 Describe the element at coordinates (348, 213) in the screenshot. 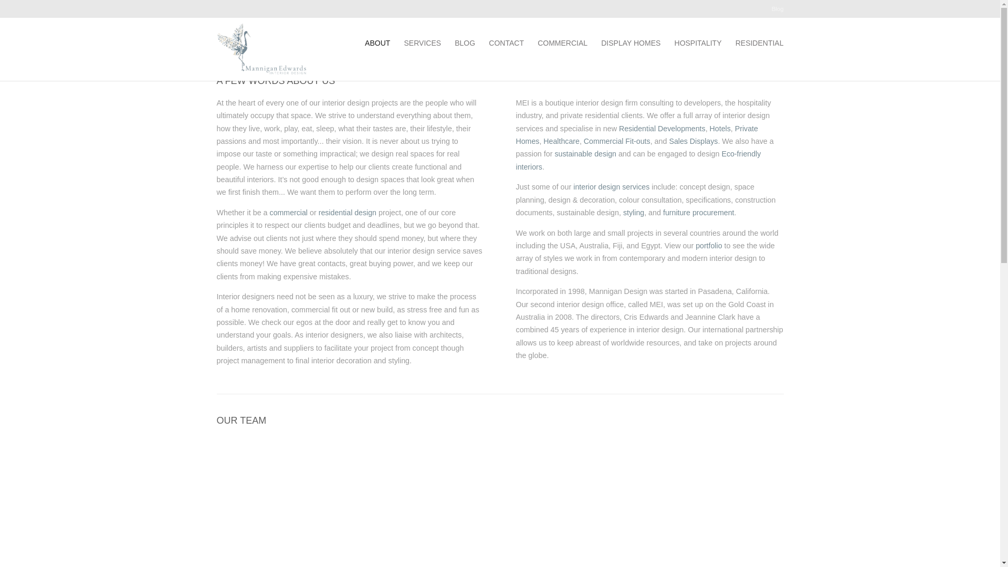

I see `'residential design'` at that location.